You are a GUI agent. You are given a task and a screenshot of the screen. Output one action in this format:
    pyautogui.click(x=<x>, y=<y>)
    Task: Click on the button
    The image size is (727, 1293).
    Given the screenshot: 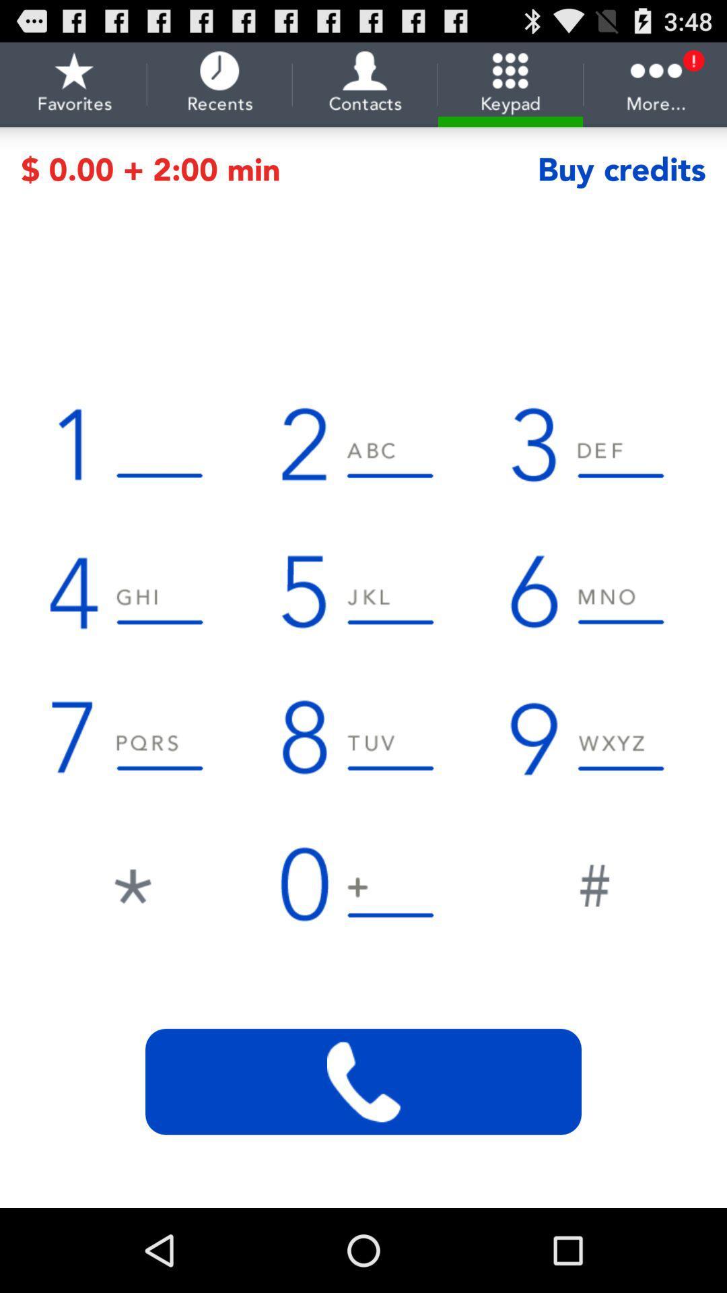 What is the action you would take?
    pyautogui.click(x=594, y=882)
    